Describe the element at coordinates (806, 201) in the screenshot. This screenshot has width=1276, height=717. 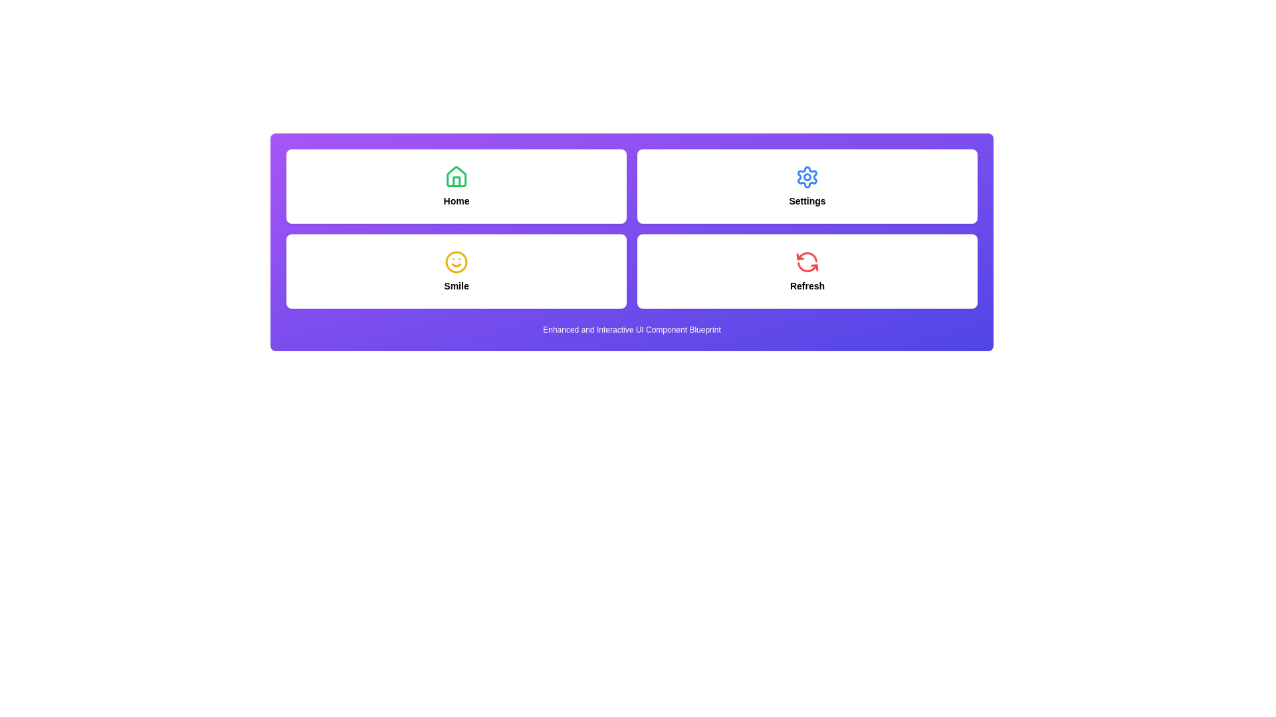
I see `the text label that provides context for the 'Settings' feature, located below the gear-shaped icon in the top-right corner of the grid layout` at that location.